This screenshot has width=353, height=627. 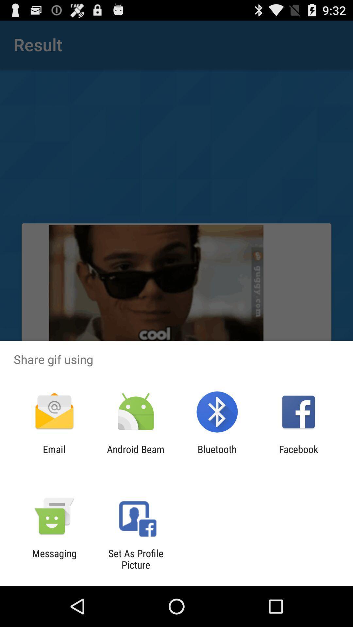 I want to click on icon next to the android beam, so click(x=54, y=455).